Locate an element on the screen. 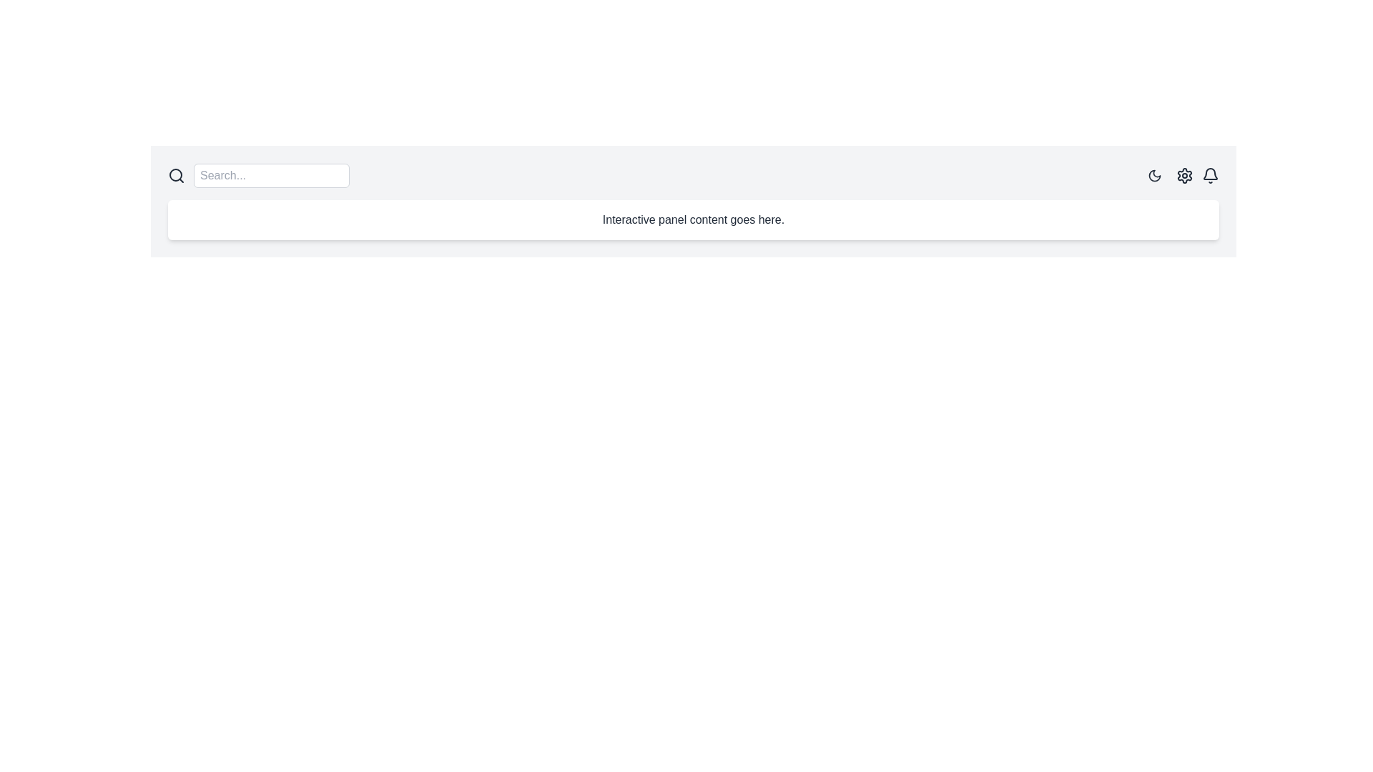 The height and width of the screenshot is (772, 1373). the cogwheel-shaped IconButton, which is the second icon from the left in the top-right corner icon group is located at coordinates (1181, 175).